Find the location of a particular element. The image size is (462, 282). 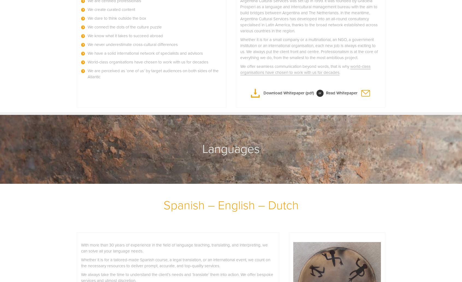

'We dare to think outside the box' is located at coordinates (117, 18).